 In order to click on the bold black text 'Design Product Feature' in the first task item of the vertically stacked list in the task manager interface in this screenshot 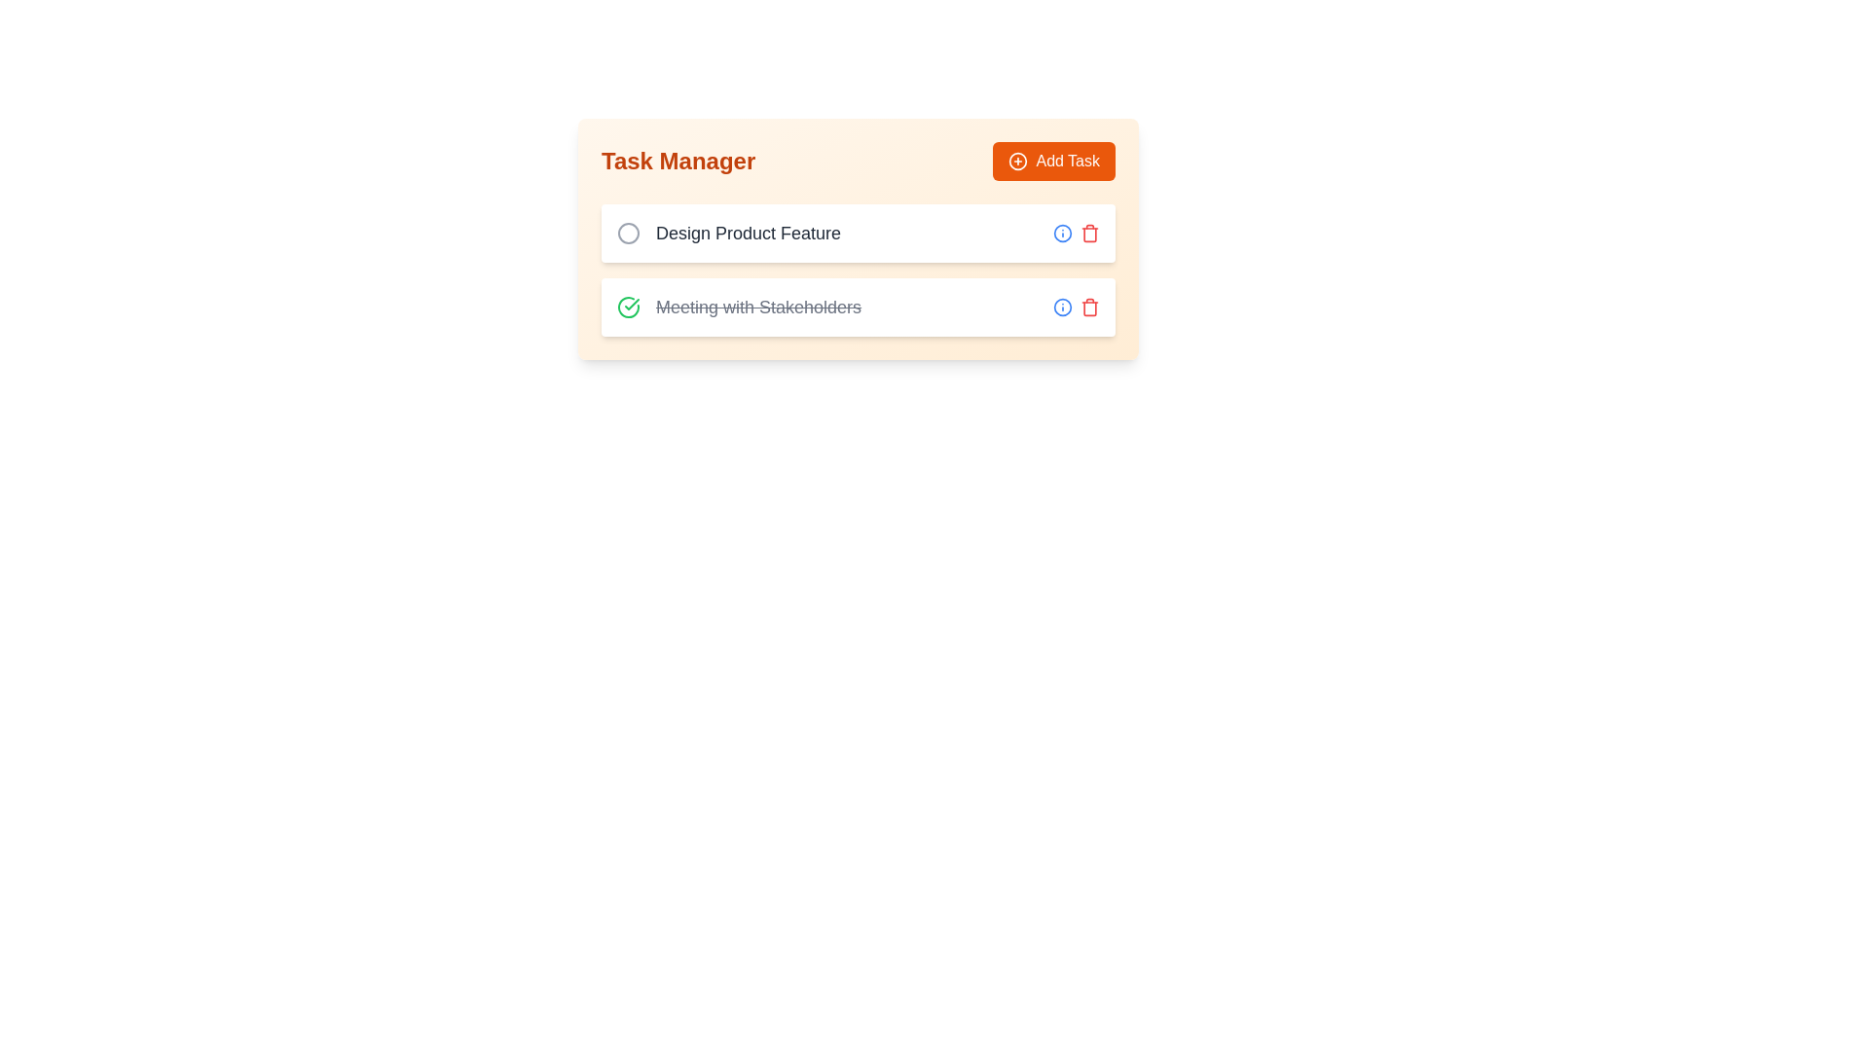, I will do `click(727, 232)`.